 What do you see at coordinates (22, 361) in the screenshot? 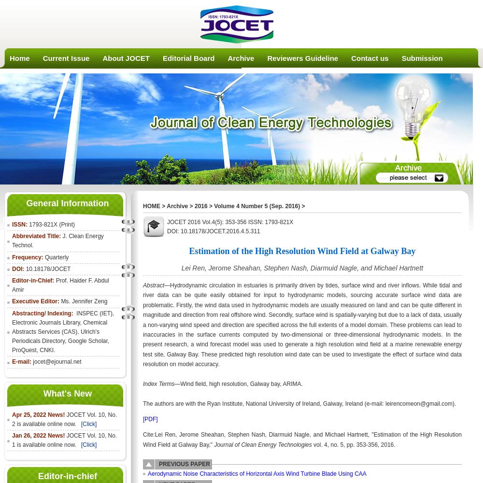
I see `'E-mail:'` at bounding box center [22, 361].